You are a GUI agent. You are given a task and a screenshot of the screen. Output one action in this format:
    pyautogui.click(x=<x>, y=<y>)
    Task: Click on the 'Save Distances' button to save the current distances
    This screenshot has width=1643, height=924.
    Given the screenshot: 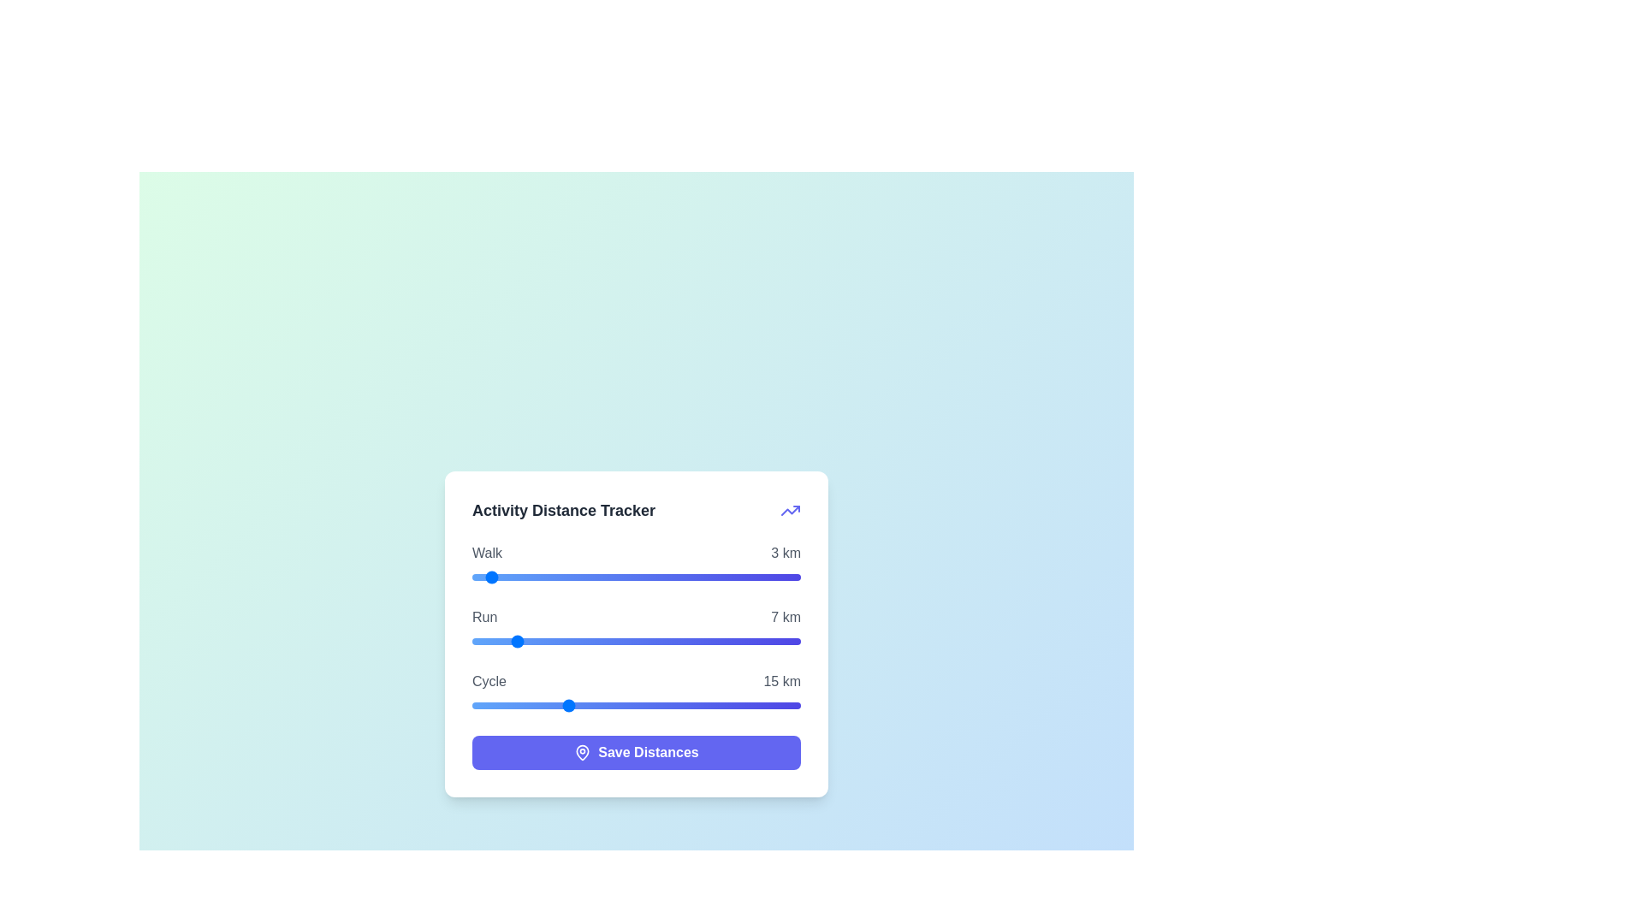 What is the action you would take?
    pyautogui.click(x=636, y=751)
    